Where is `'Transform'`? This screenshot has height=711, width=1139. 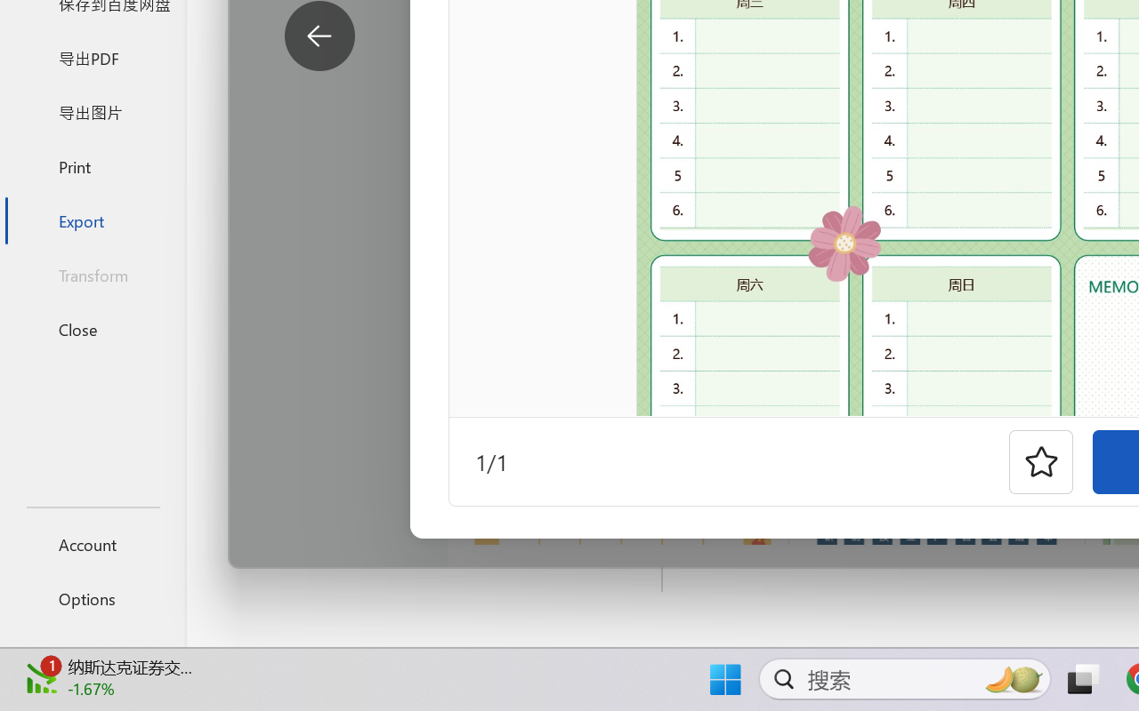 'Transform' is located at coordinates (92, 274).